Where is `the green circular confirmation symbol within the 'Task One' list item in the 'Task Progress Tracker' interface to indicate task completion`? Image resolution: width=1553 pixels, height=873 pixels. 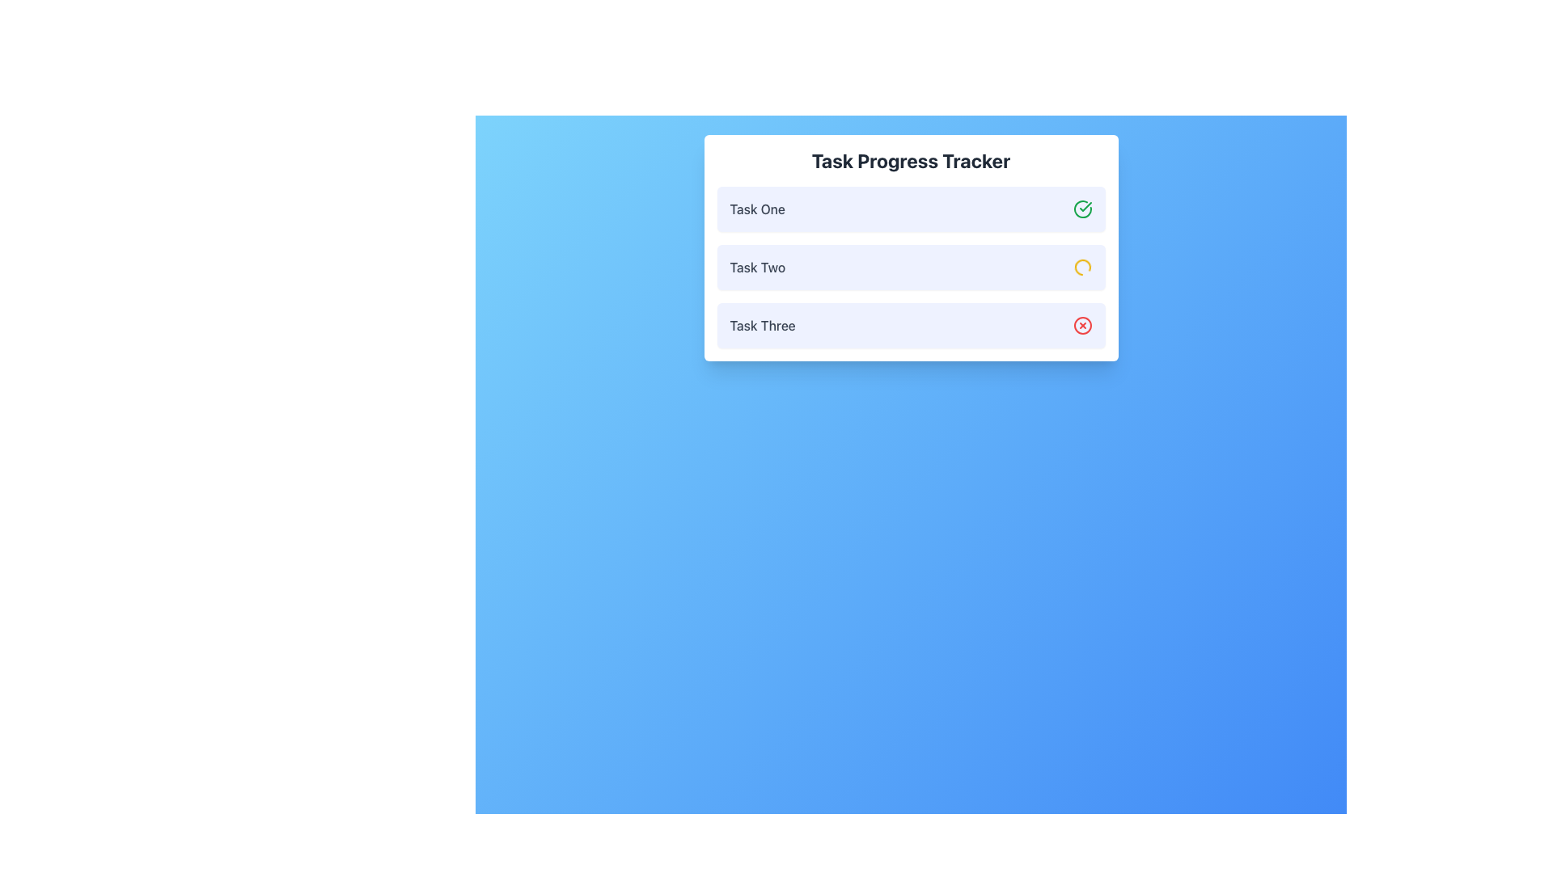
the green circular confirmation symbol within the 'Task One' list item in the 'Task Progress Tracker' interface to indicate task completion is located at coordinates (1085, 205).